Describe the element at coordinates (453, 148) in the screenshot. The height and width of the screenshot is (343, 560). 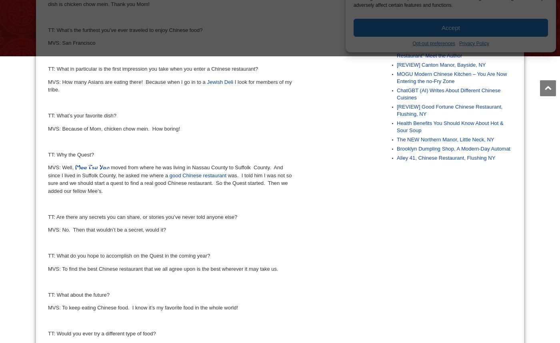
I see `'Brooklyn Dumpling Shop, A Modern-Day Automat'` at that location.